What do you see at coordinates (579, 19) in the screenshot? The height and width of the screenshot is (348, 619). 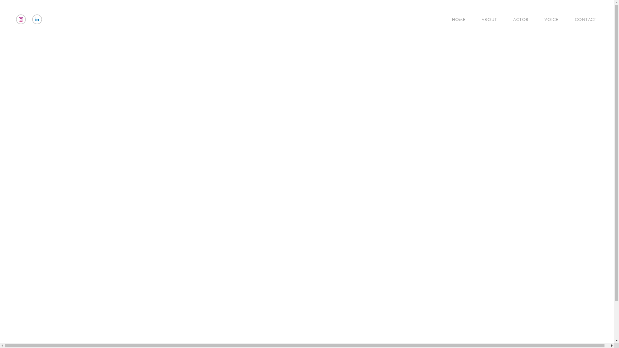 I see `'CONTACT'` at bounding box center [579, 19].